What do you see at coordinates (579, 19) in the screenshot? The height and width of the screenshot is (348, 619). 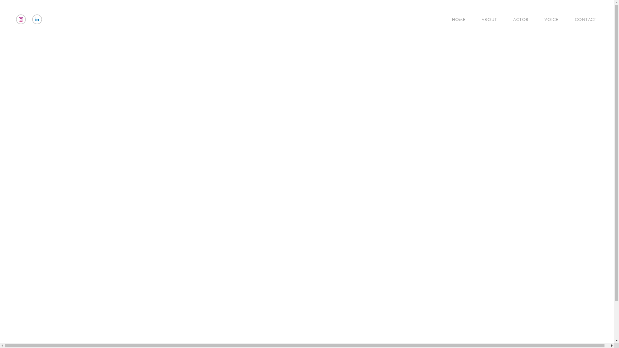 I see `'CONTACT'` at bounding box center [579, 19].